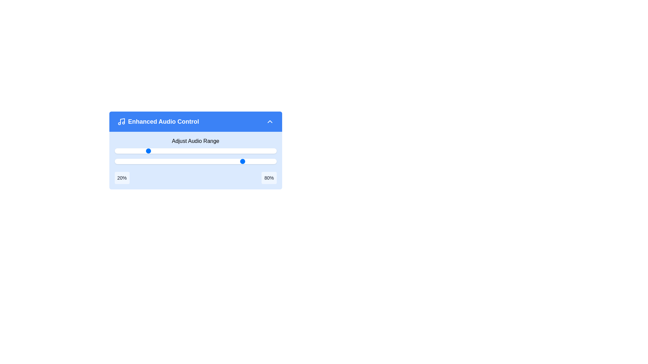 This screenshot has height=364, width=648. What do you see at coordinates (205, 150) in the screenshot?
I see `the slider value` at bounding box center [205, 150].